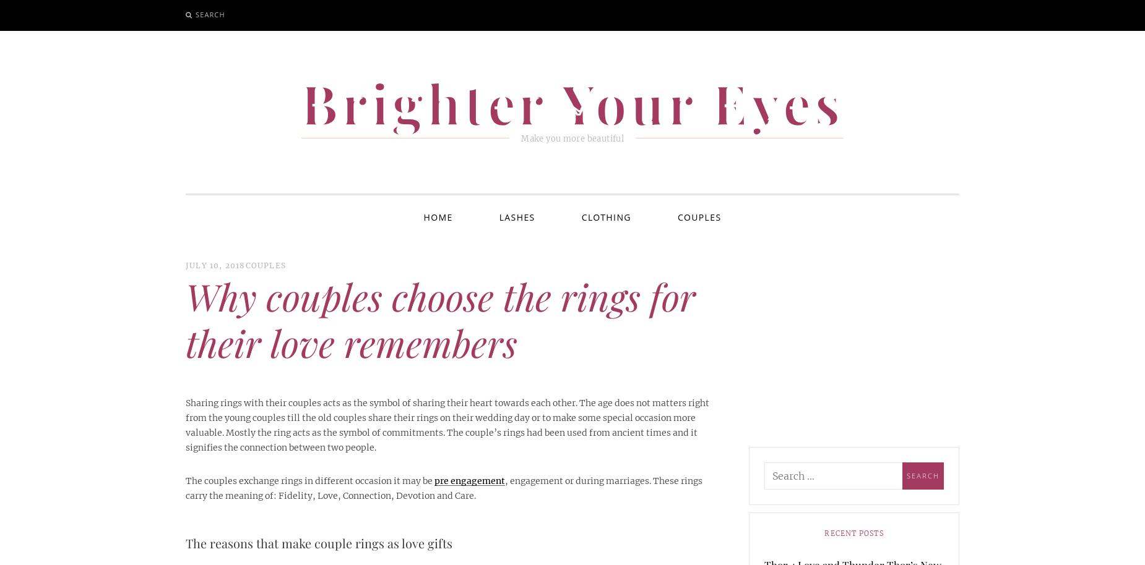 The height and width of the screenshot is (565, 1145). I want to click on 'Lashes', so click(499, 216).